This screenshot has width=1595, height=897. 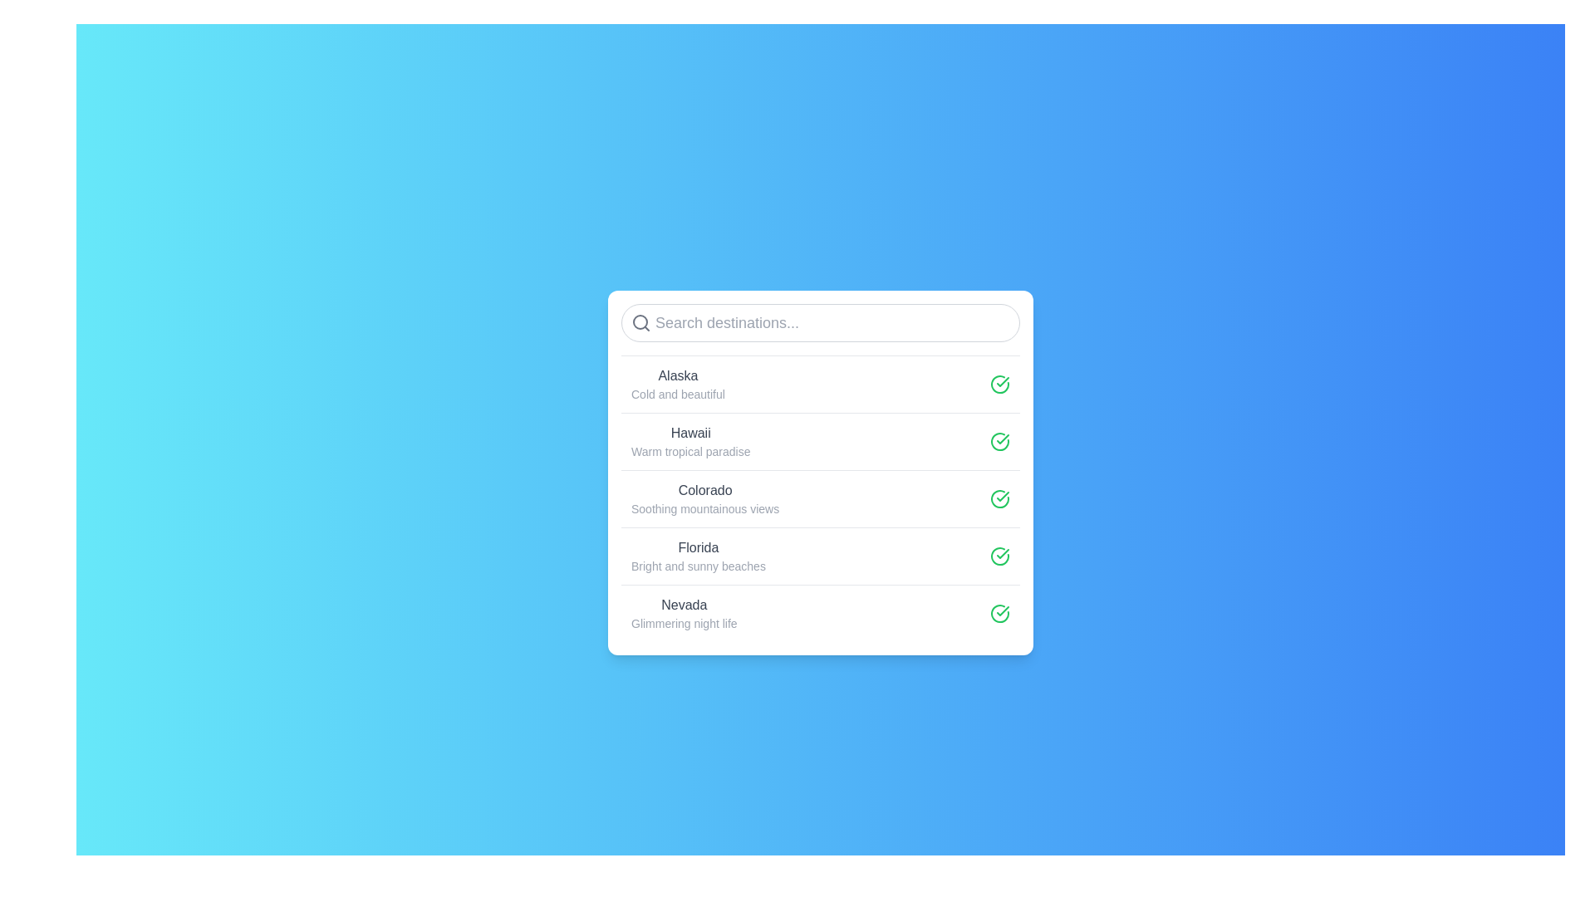 I want to click on the confirmation icon associated with the 'Nevada' entry in the list item, indicating a successful state or acknowledgment, so click(x=999, y=612).